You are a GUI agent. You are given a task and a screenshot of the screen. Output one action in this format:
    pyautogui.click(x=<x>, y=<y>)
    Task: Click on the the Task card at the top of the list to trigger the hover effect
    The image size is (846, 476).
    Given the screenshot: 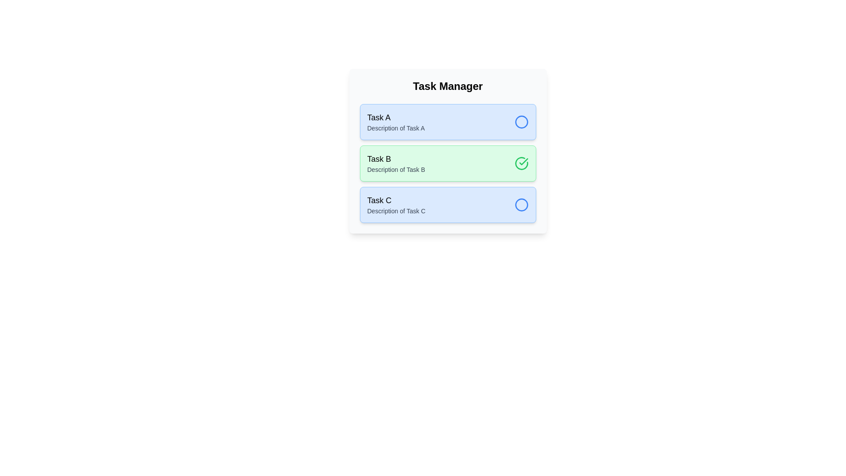 What is the action you would take?
    pyautogui.click(x=448, y=122)
    